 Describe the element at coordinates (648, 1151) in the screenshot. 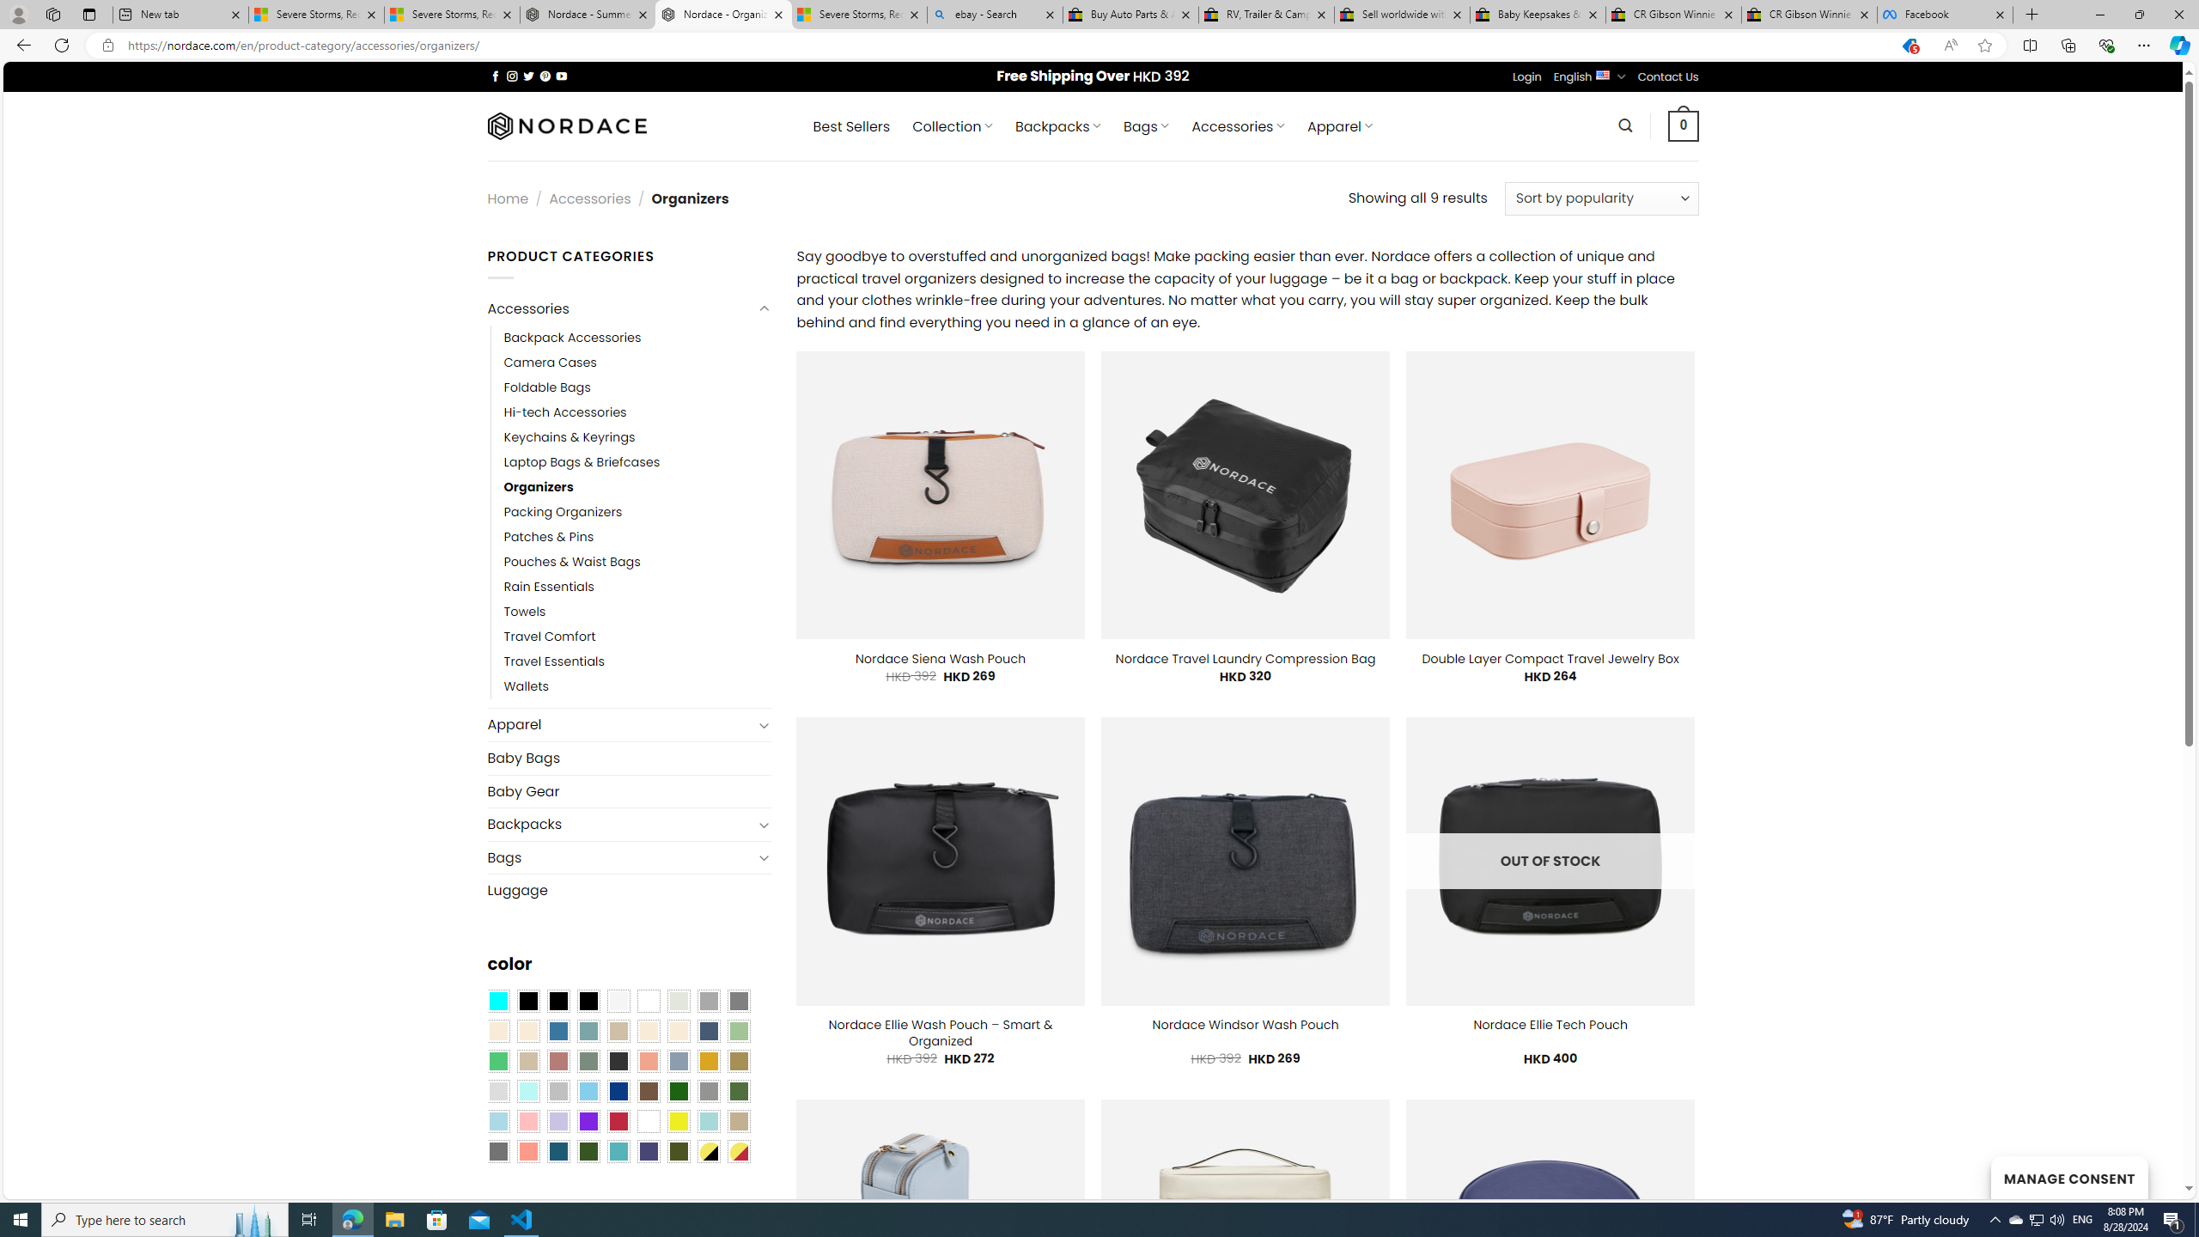

I see `'Purple Navy'` at that location.